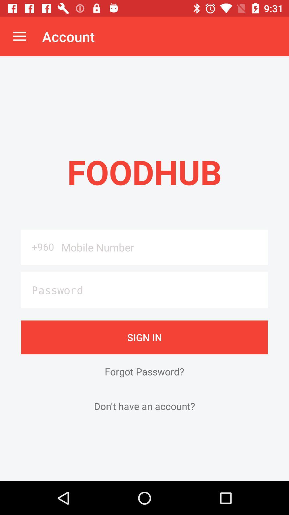 The height and width of the screenshot is (515, 289). Describe the element at coordinates (144, 406) in the screenshot. I see `the icon below forgot password? item` at that location.